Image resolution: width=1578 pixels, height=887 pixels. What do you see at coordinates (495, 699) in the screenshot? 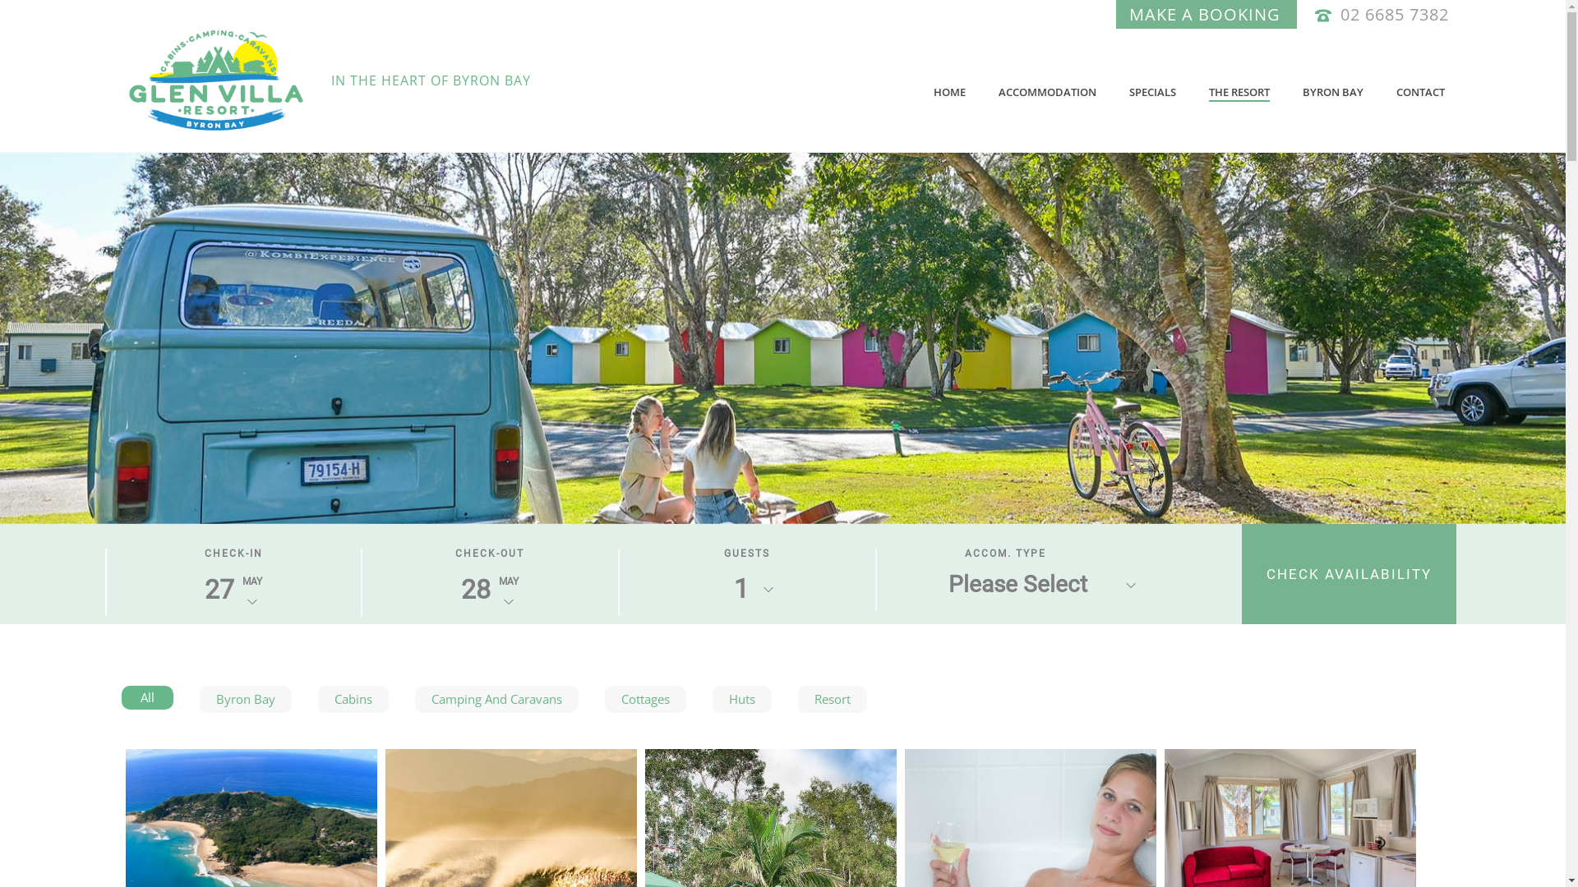
I see `'Camping And Caravans'` at bounding box center [495, 699].